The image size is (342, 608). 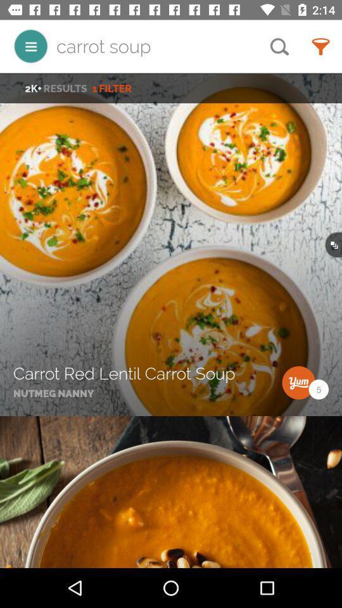 What do you see at coordinates (30, 46) in the screenshot?
I see `this will open the options menu` at bounding box center [30, 46].